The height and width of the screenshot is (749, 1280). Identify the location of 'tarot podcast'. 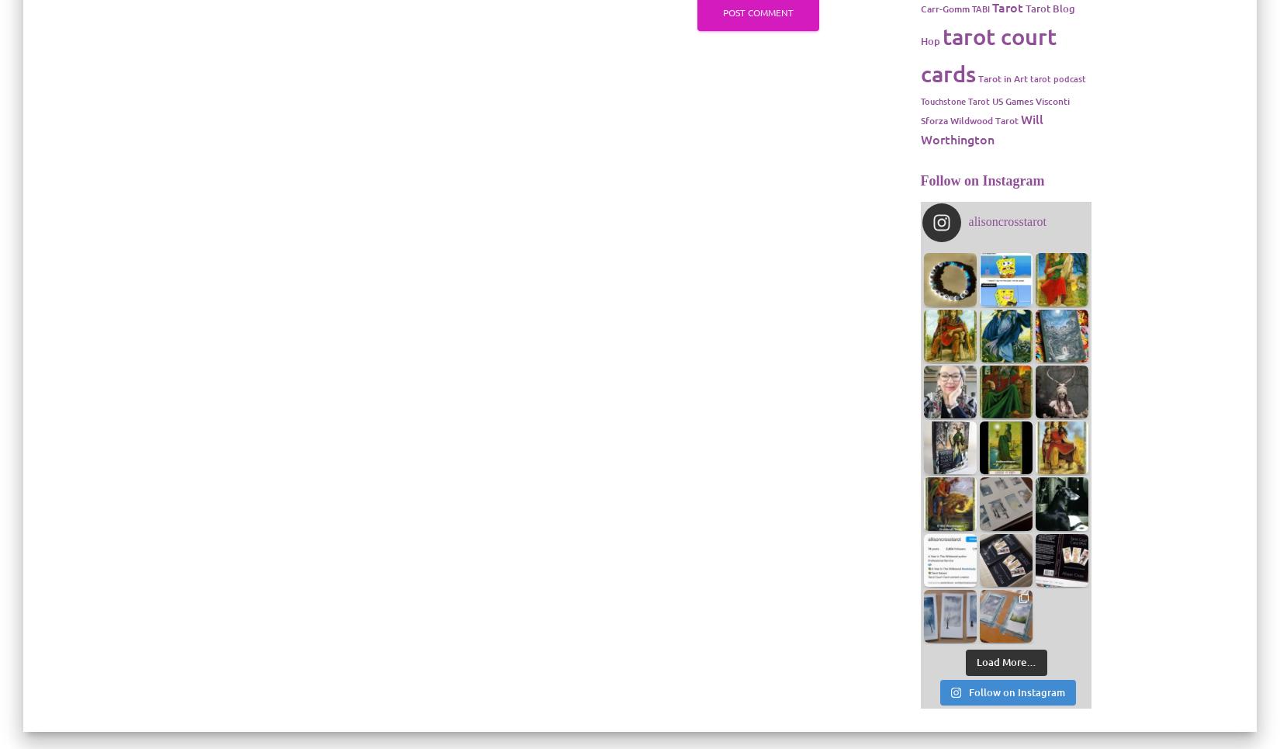
(1057, 77).